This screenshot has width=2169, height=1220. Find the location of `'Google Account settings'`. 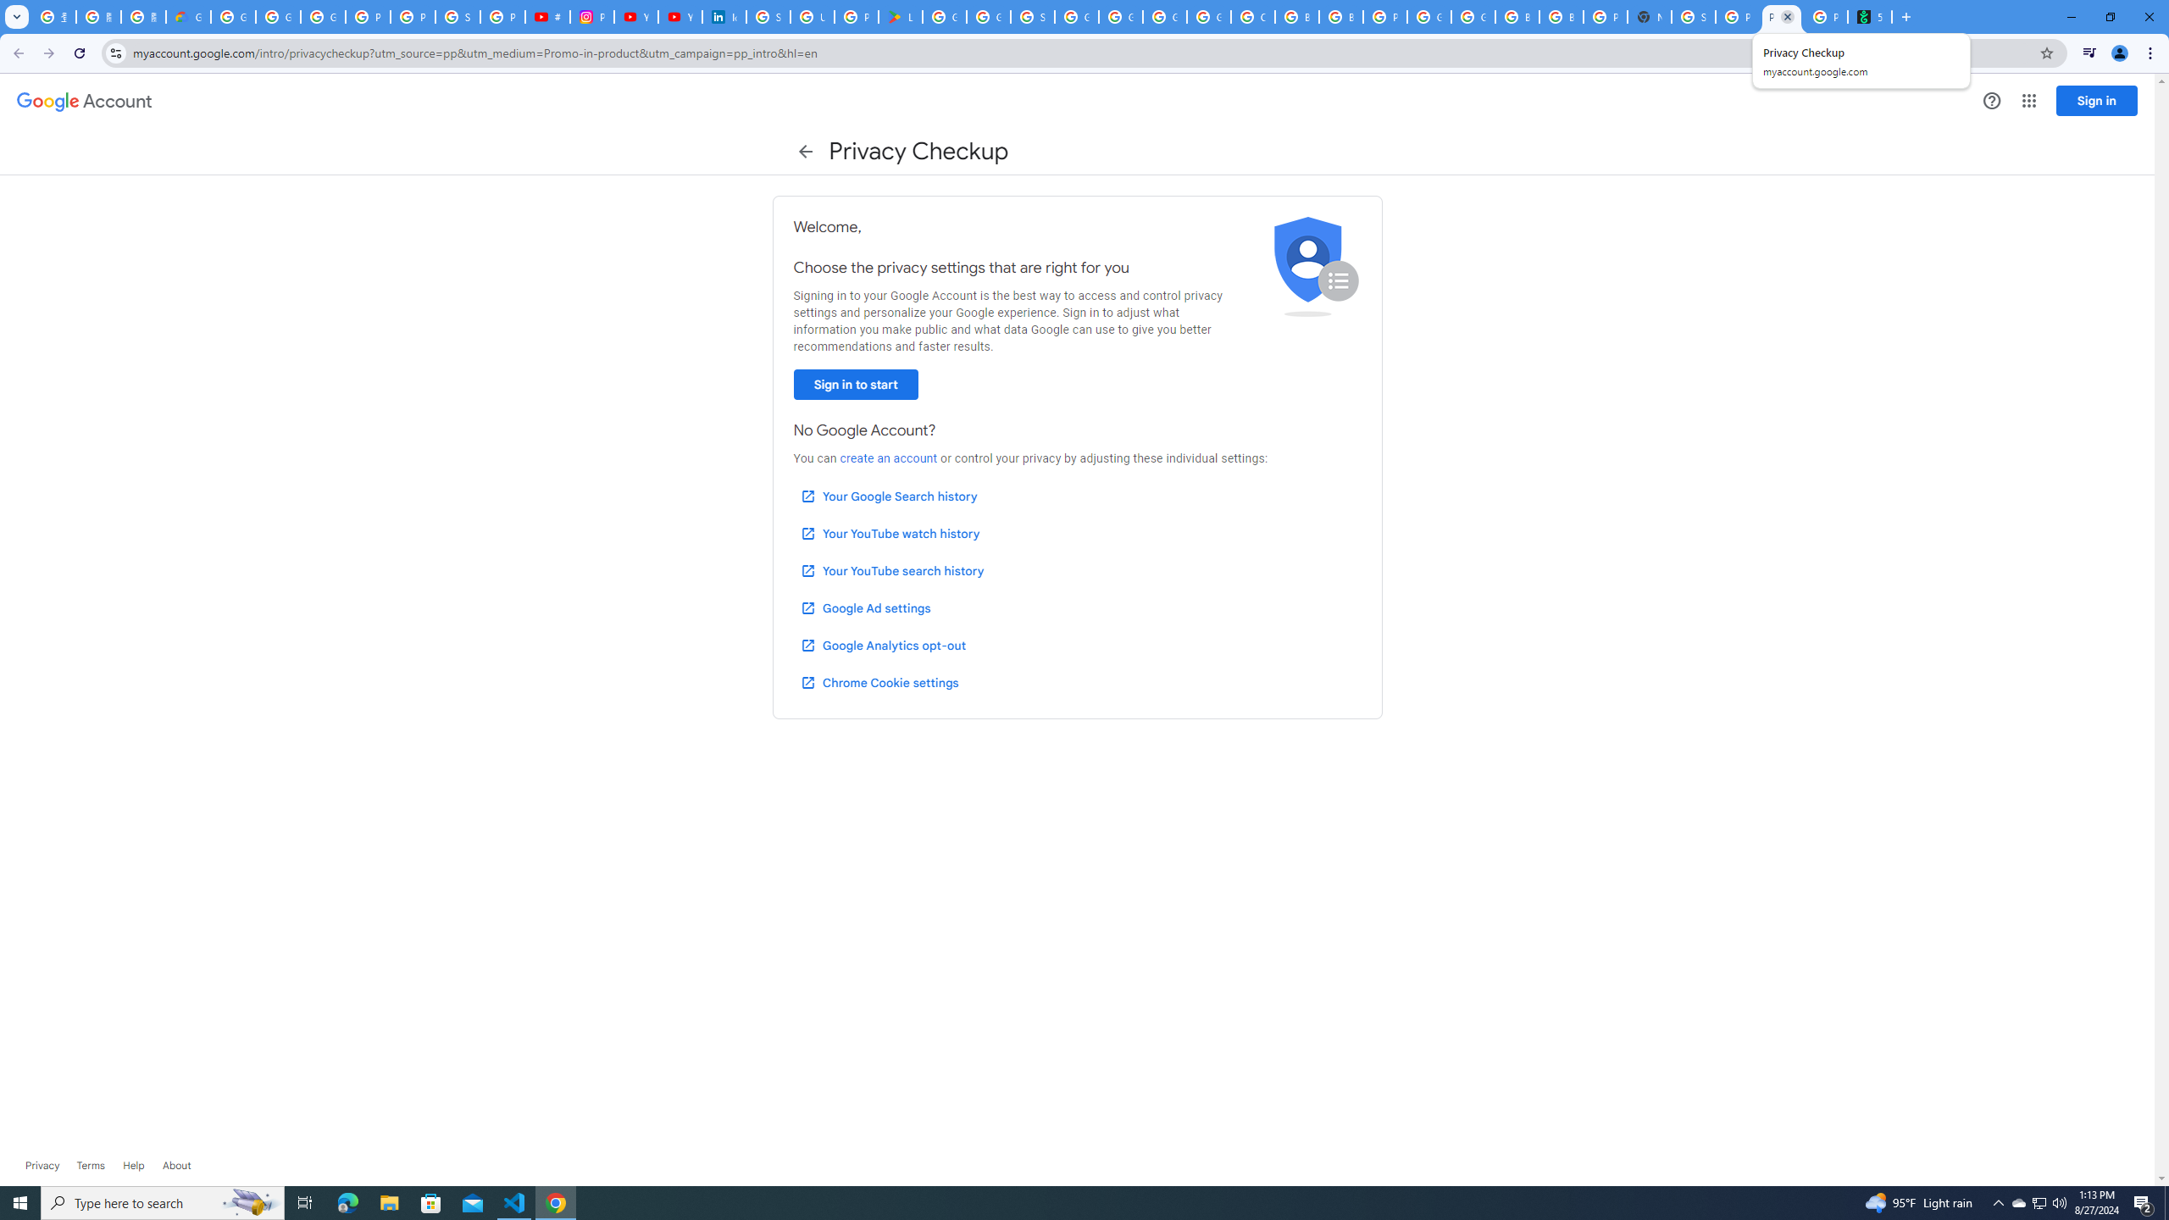

'Google Account settings' is located at coordinates (83, 101).